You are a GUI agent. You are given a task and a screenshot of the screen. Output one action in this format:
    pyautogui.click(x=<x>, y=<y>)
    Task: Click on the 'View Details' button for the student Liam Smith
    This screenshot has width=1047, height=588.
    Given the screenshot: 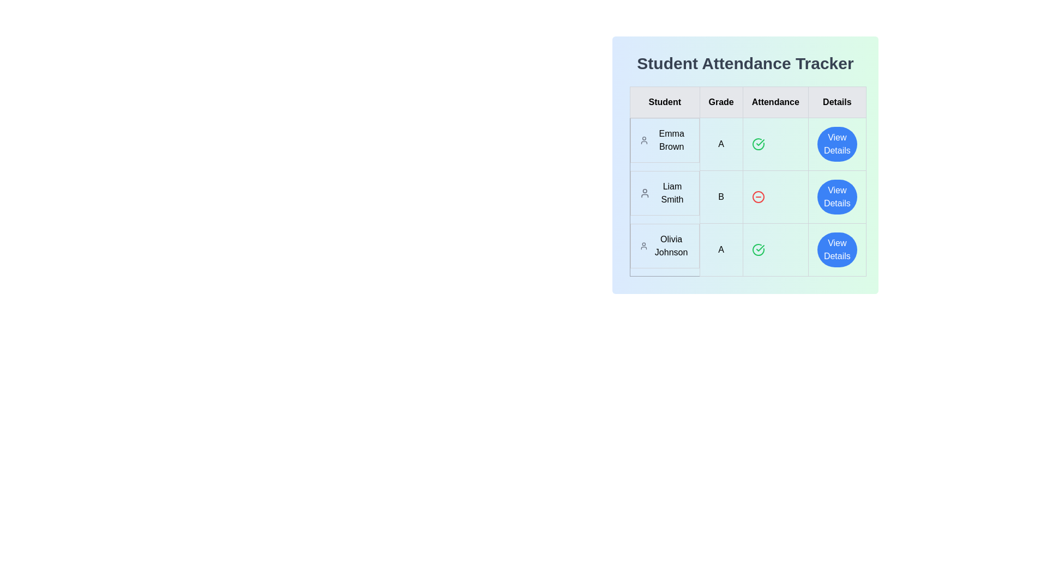 What is the action you would take?
    pyautogui.click(x=837, y=197)
    